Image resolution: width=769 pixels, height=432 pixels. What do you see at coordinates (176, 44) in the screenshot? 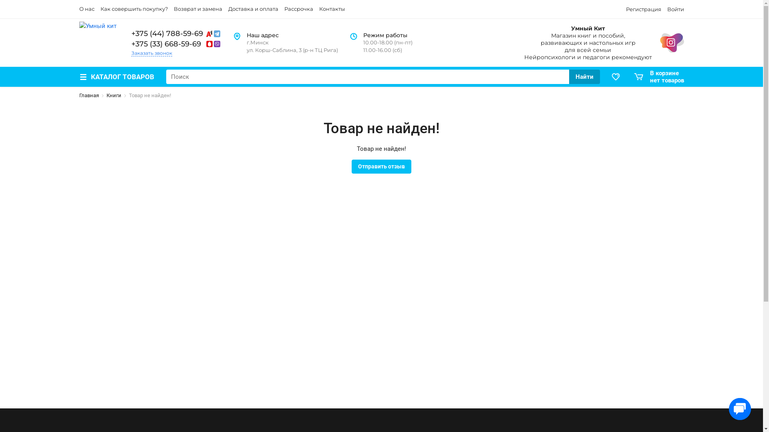
I see `'+375 (33) 668-59-69'` at bounding box center [176, 44].